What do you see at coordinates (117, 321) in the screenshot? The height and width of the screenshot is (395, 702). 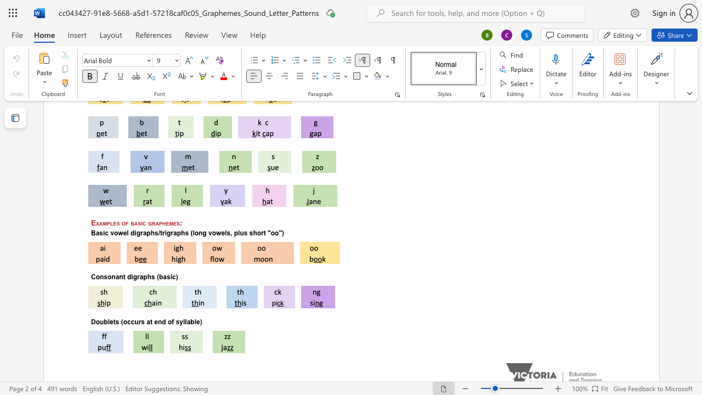 I see `the 1th character "s" in the text` at bounding box center [117, 321].